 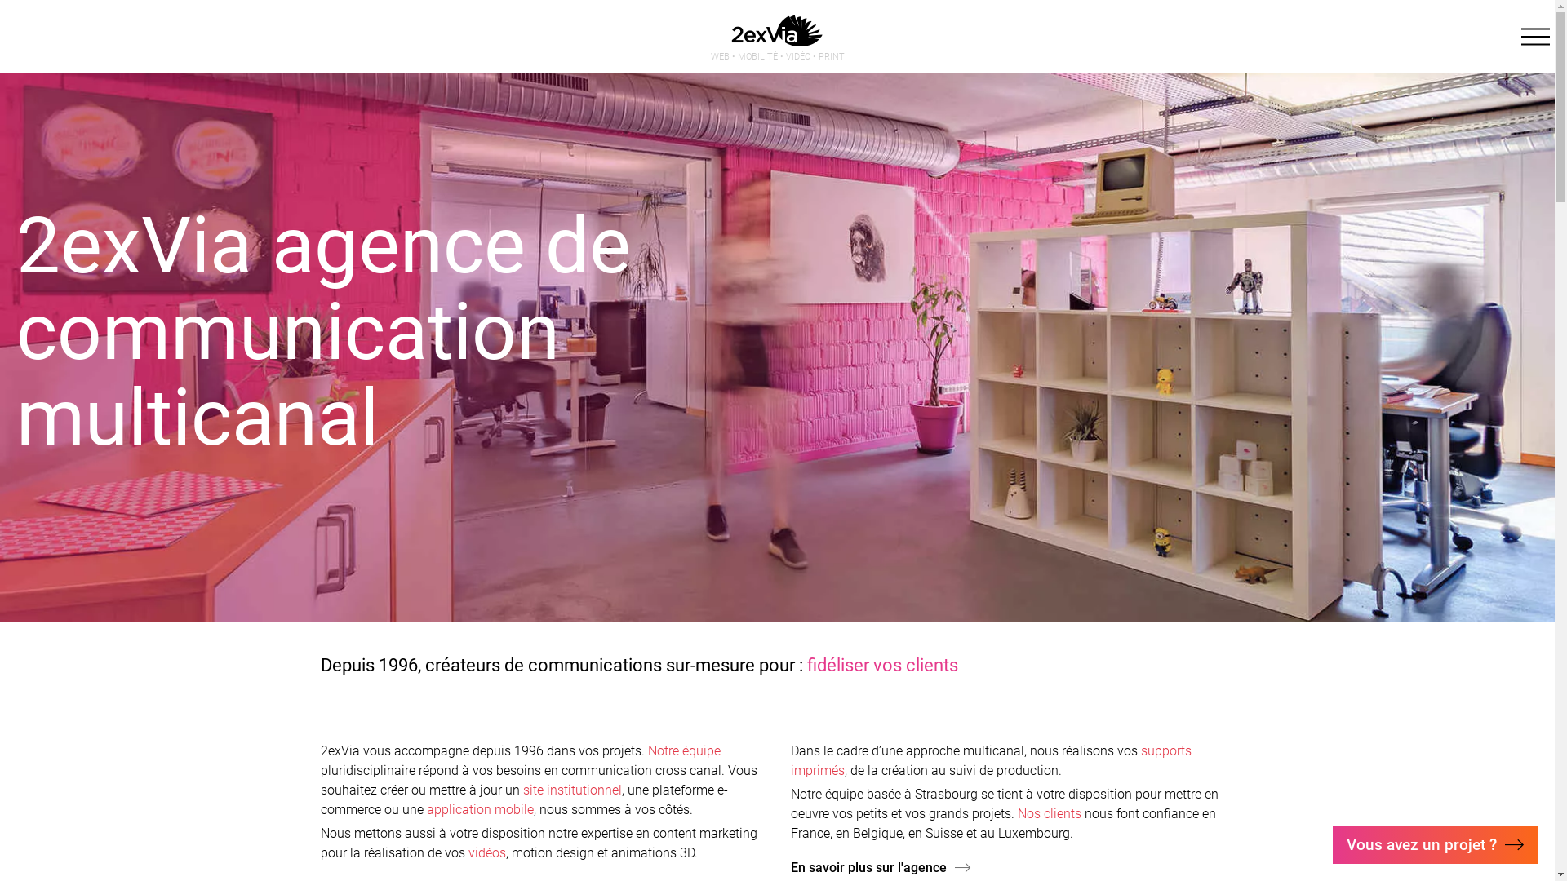 What do you see at coordinates (1434, 844) in the screenshot?
I see `'Vous avez un projet ?'` at bounding box center [1434, 844].